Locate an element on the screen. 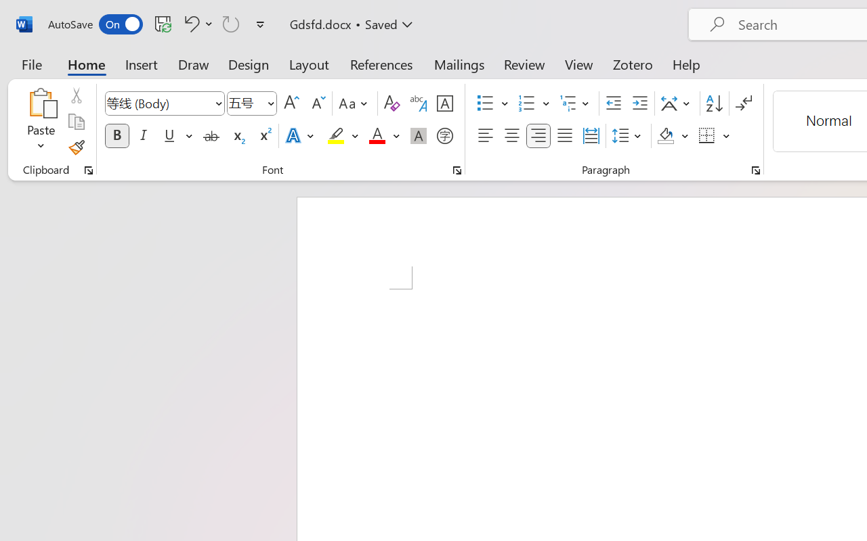  'Cut' is located at coordinates (75, 95).